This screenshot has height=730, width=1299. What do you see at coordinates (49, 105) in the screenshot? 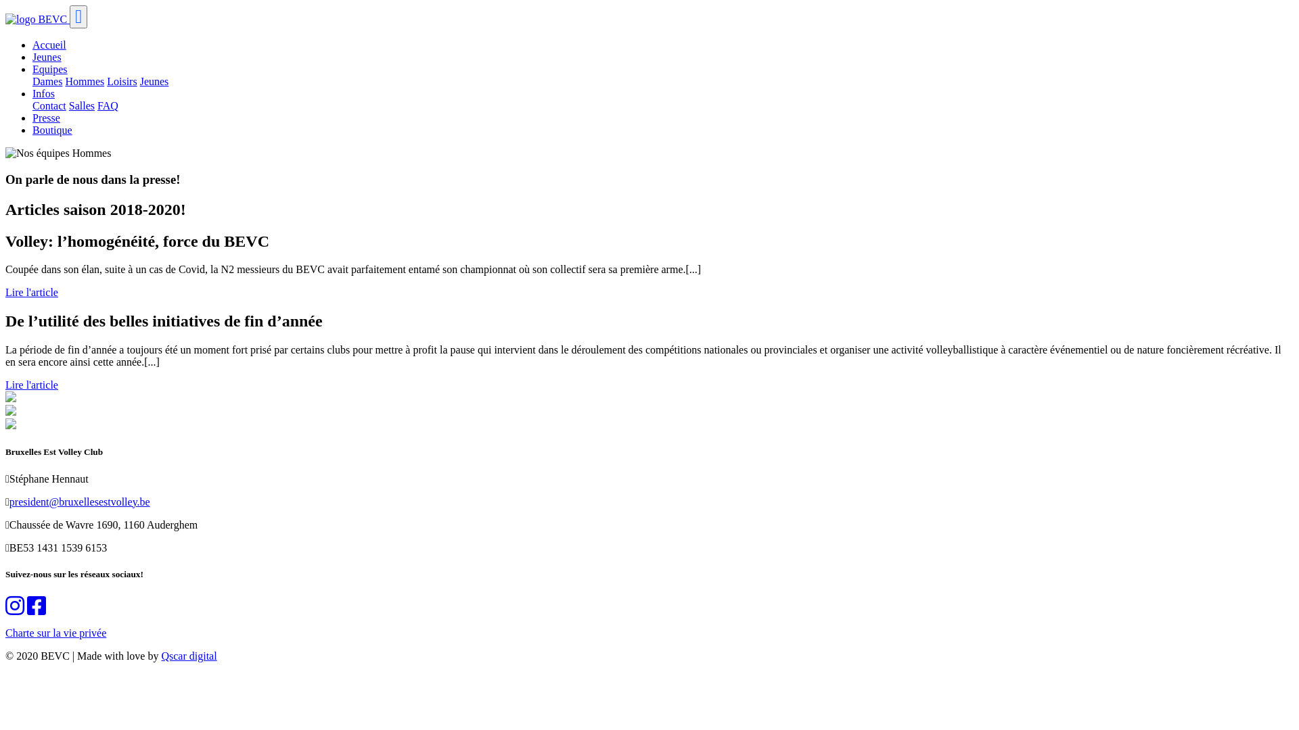
I see `'Contact'` at bounding box center [49, 105].